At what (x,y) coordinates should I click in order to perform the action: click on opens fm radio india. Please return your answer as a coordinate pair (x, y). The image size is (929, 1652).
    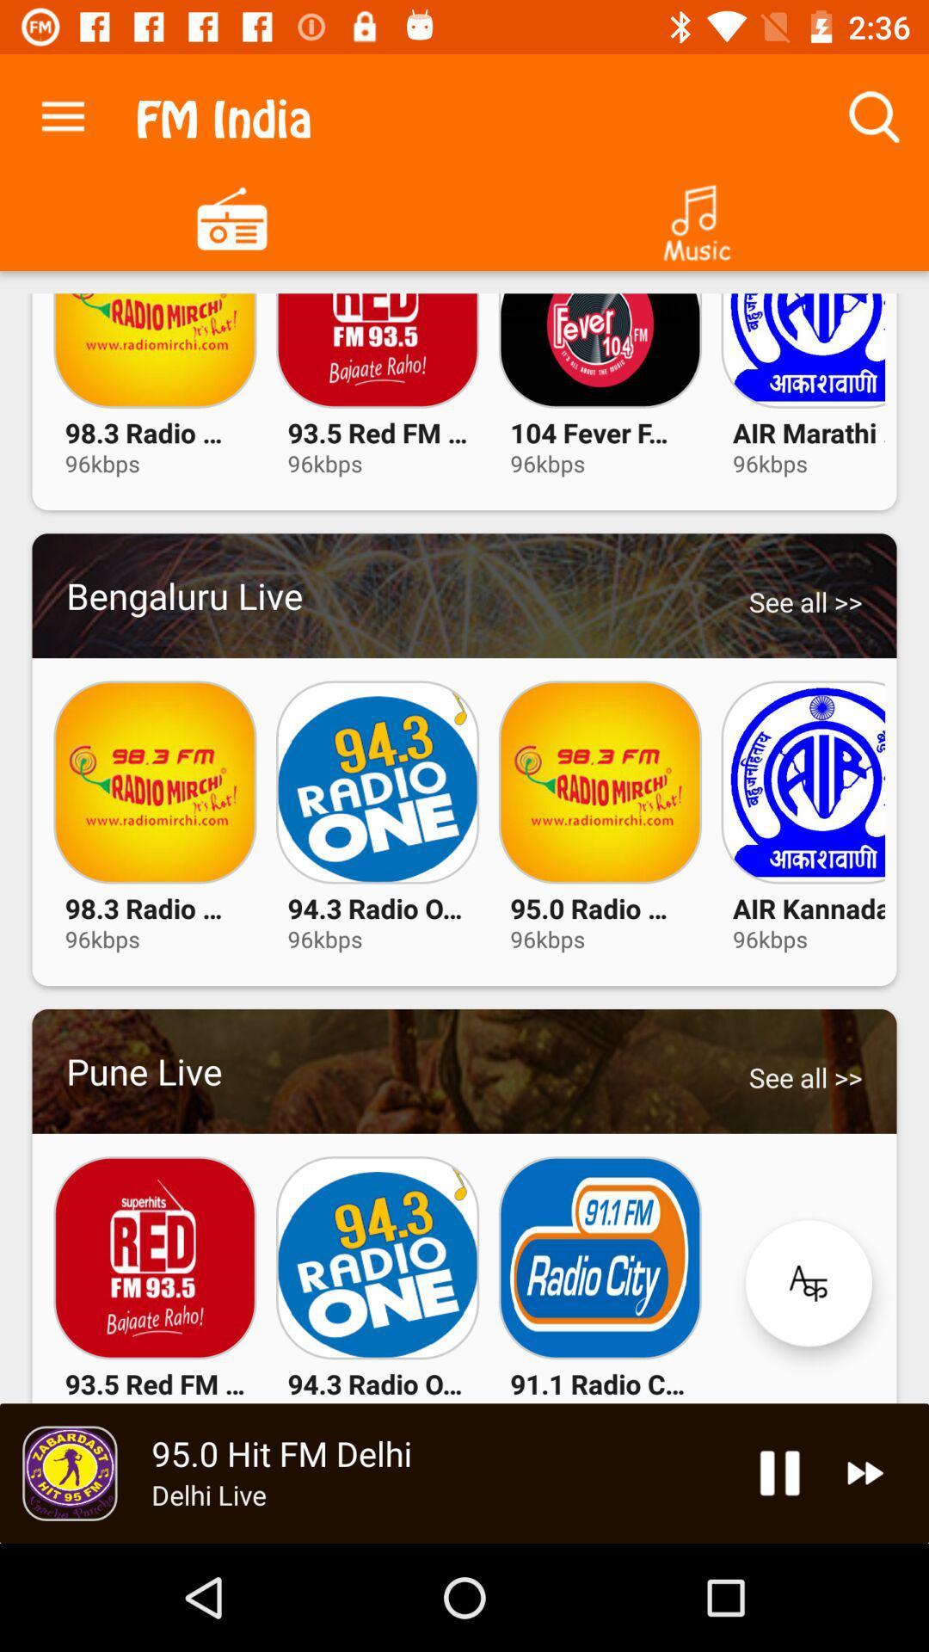
    Looking at the image, I should click on (232, 216).